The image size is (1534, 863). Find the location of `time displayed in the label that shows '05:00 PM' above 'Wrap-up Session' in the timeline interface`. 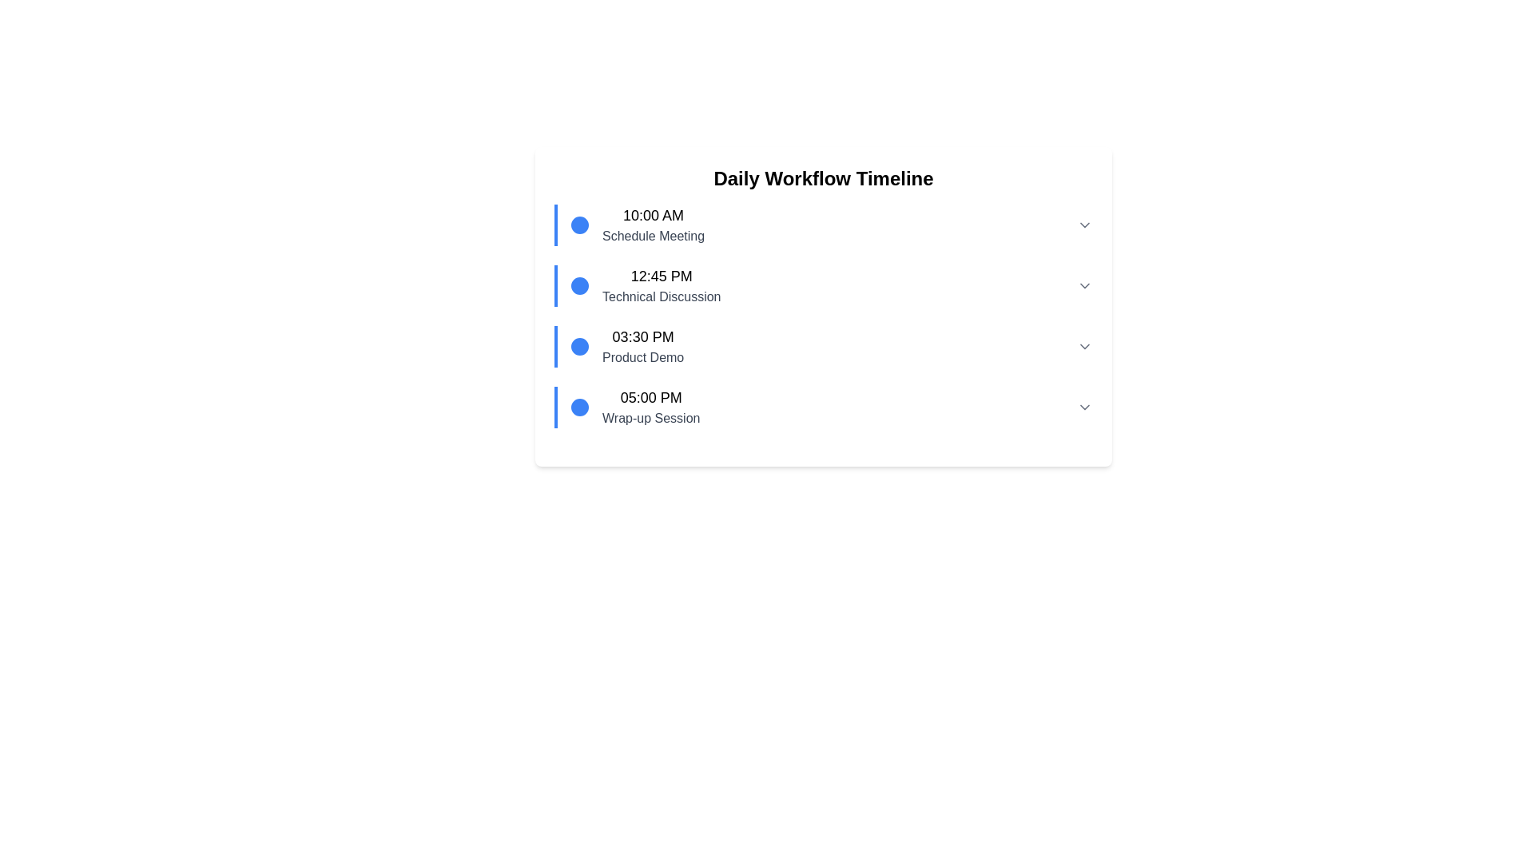

time displayed in the label that shows '05:00 PM' above 'Wrap-up Session' in the timeline interface is located at coordinates (651, 396).